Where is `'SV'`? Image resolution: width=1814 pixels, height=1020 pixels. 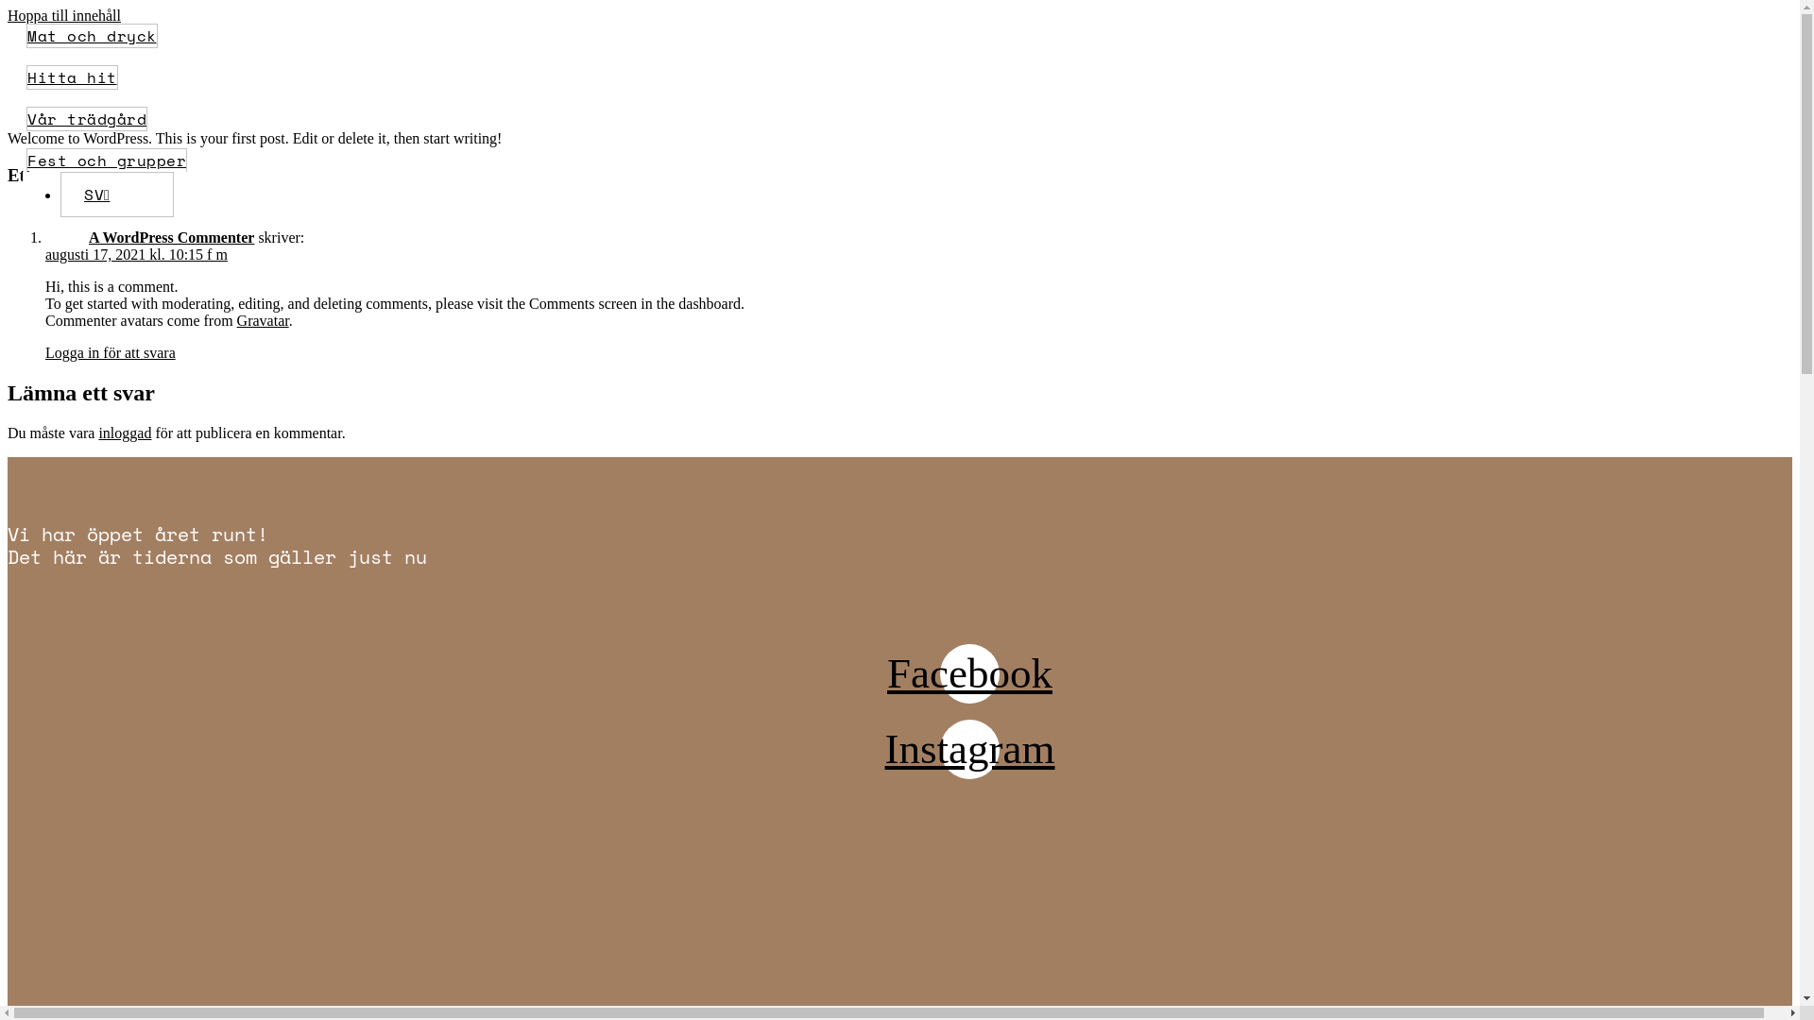 'SV' is located at coordinates (116, 194).